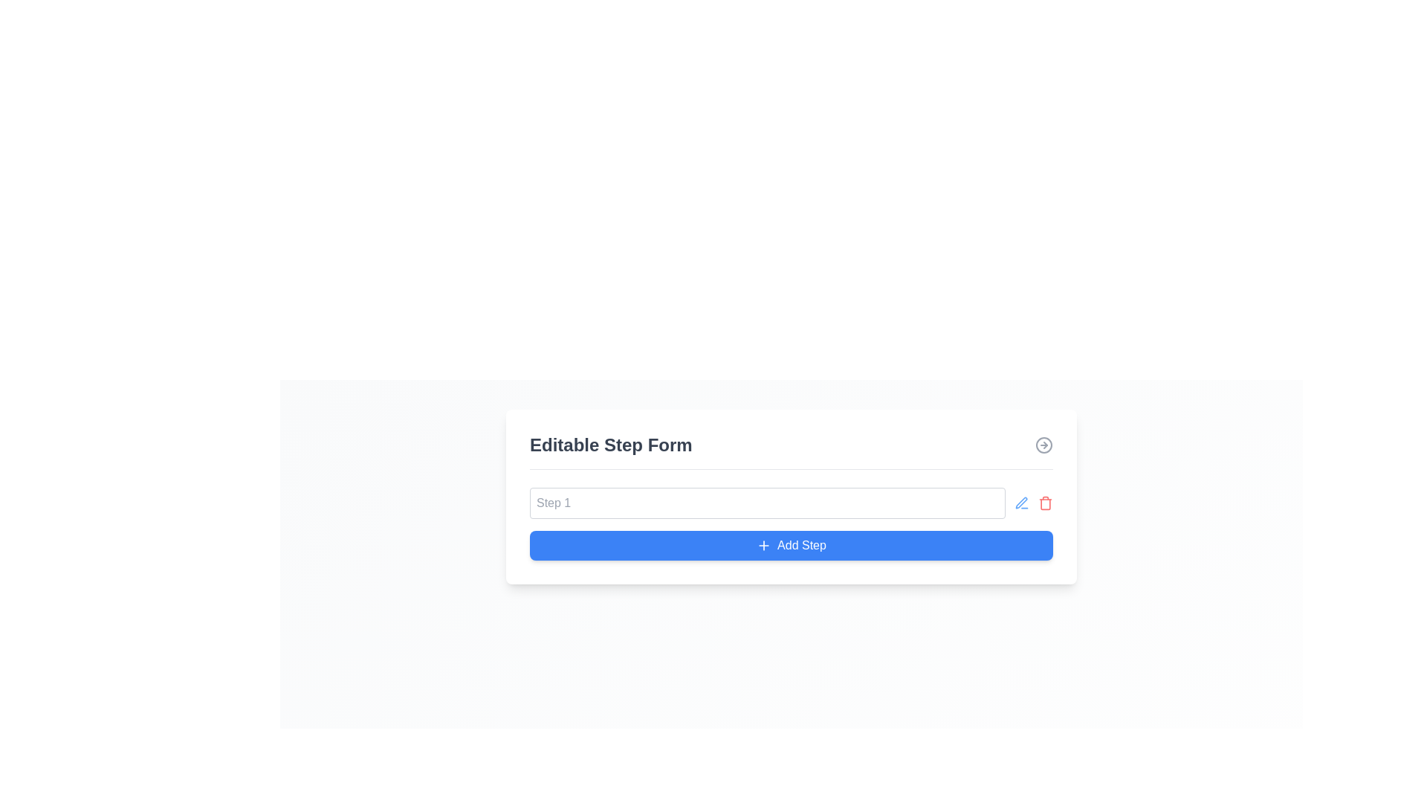 This screenshot has height=803, width=1427. I want to click on the circular navigation icon located at the far right of the header section, aligned with the title 'Editable Step Form', so click(1043, 444).